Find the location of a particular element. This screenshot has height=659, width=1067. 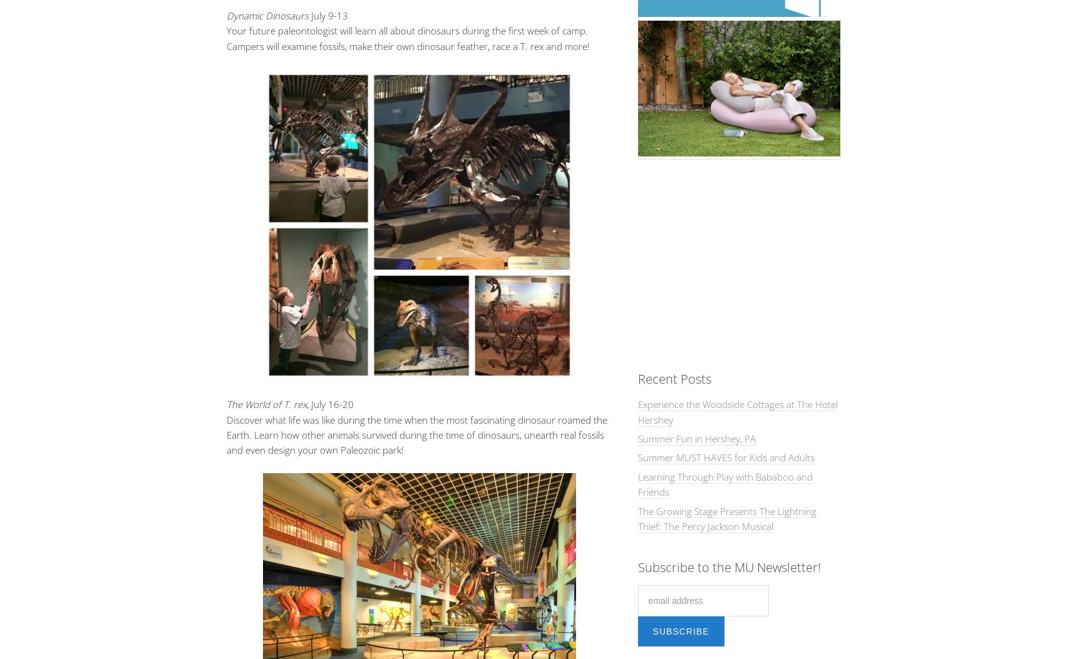

'Experience the Woodside Cottages at The Hotel Hershey' is located at coordinates (736, 411).